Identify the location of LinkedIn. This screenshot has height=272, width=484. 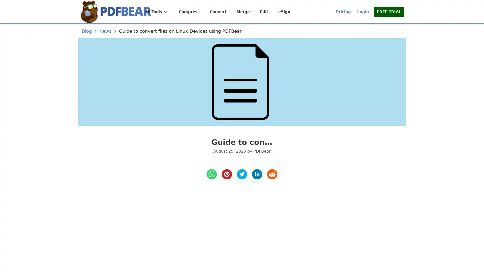
(257, 174).